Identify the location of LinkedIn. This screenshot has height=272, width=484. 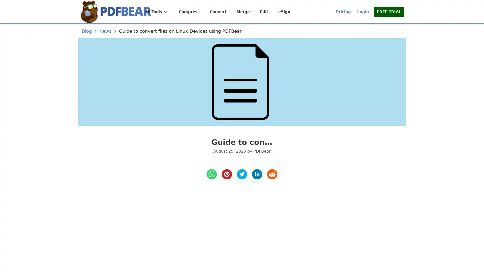
(257, 174).